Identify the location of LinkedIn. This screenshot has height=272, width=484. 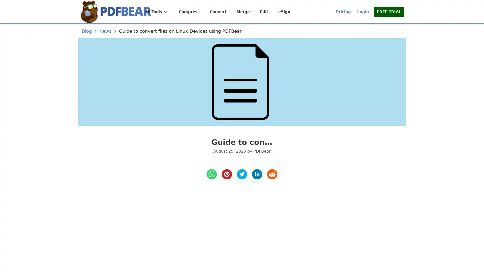
(257, 174).